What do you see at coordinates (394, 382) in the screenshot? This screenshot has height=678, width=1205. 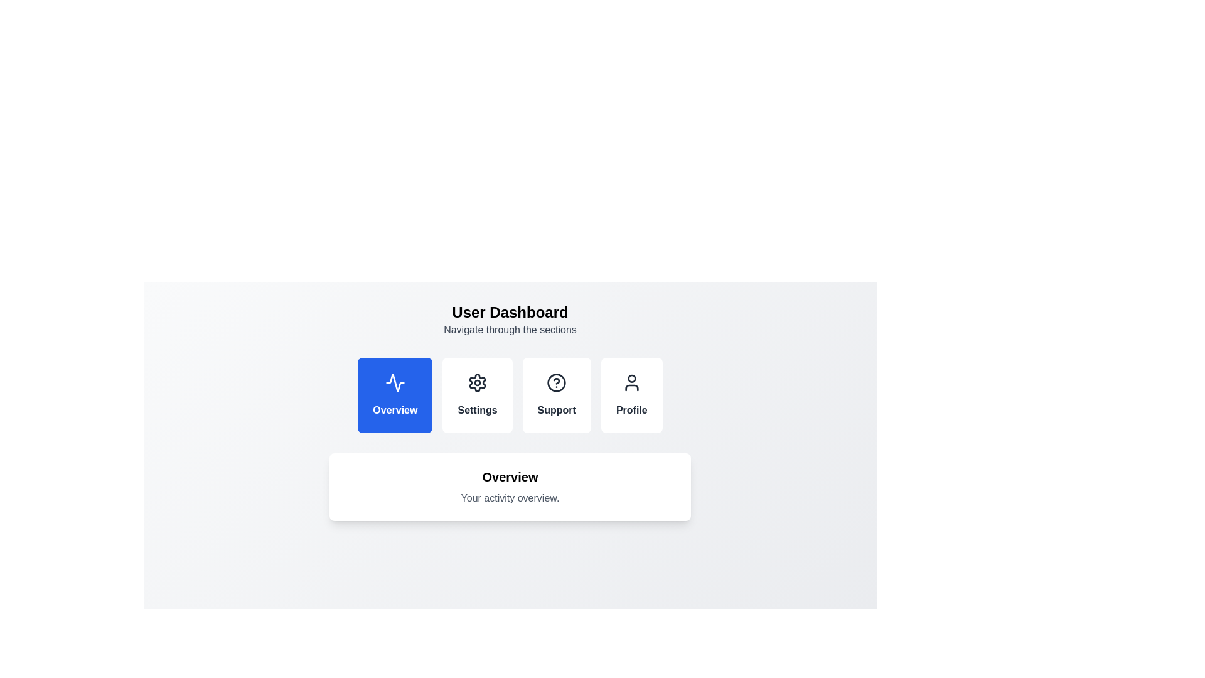 I see `the abstract zigzag icon representing activity within the 'Overview' button in the navigation grid of the User Dashboard` at bounding box center [394, 382].